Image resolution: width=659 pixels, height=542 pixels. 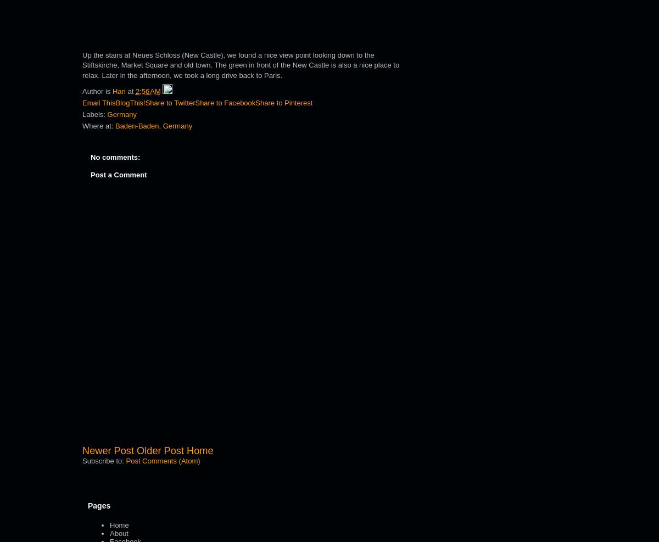 I want to click on 'Newer Post', so click(x=108, y=450).